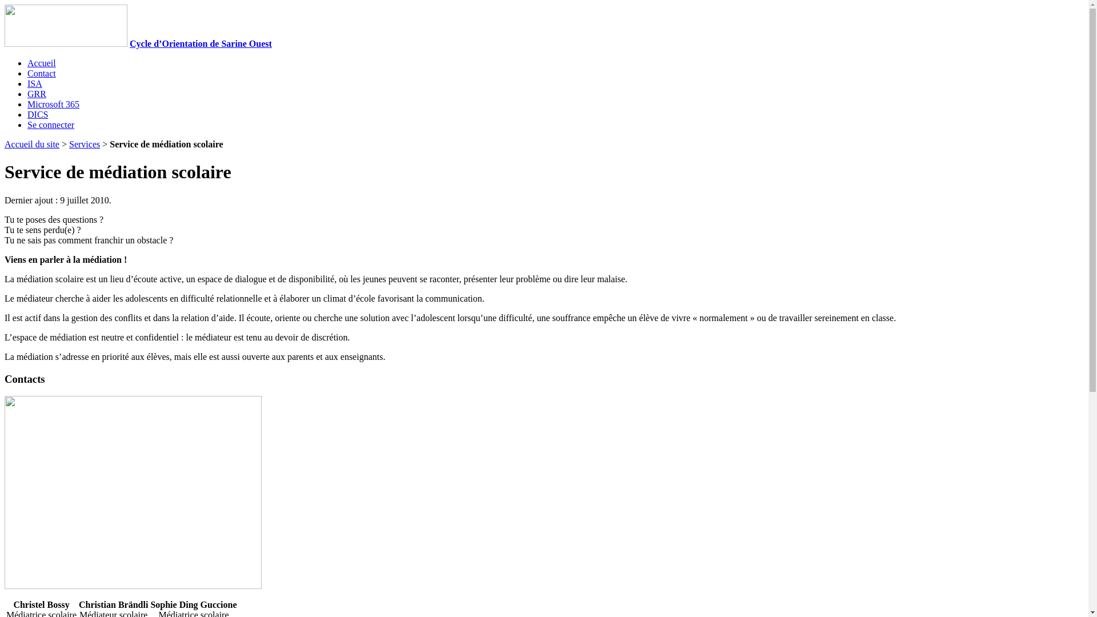 This screenshot has height=617, width=1097. I want to click on 'Se connecter', so click(50, 125).